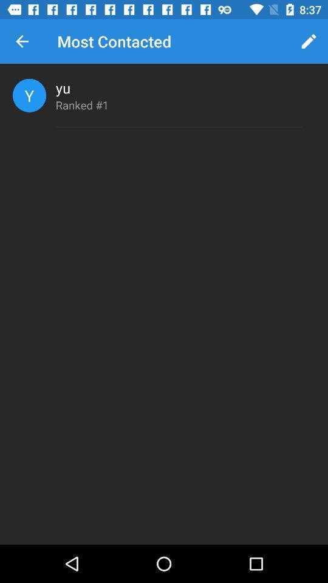  I want to click on the icon to the left of most contacted item, so click(22, 41).